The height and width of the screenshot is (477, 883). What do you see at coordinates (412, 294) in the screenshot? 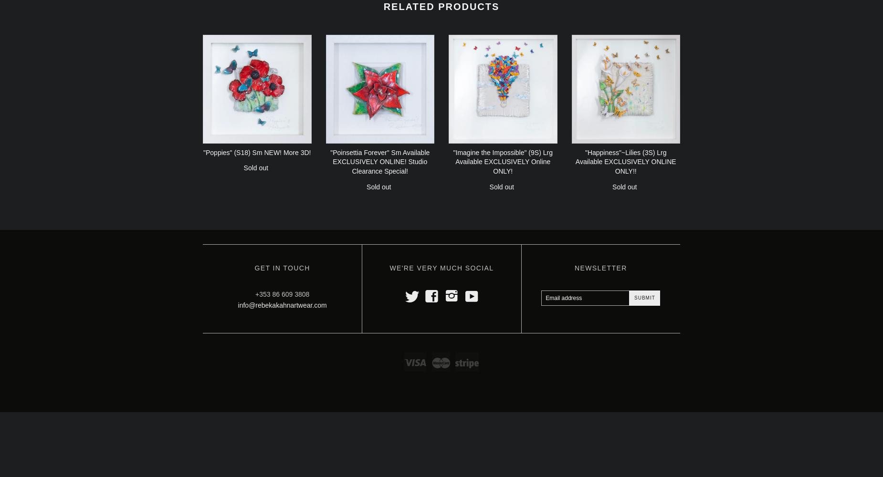
I see `'t'` at bounding box center [412, 294].